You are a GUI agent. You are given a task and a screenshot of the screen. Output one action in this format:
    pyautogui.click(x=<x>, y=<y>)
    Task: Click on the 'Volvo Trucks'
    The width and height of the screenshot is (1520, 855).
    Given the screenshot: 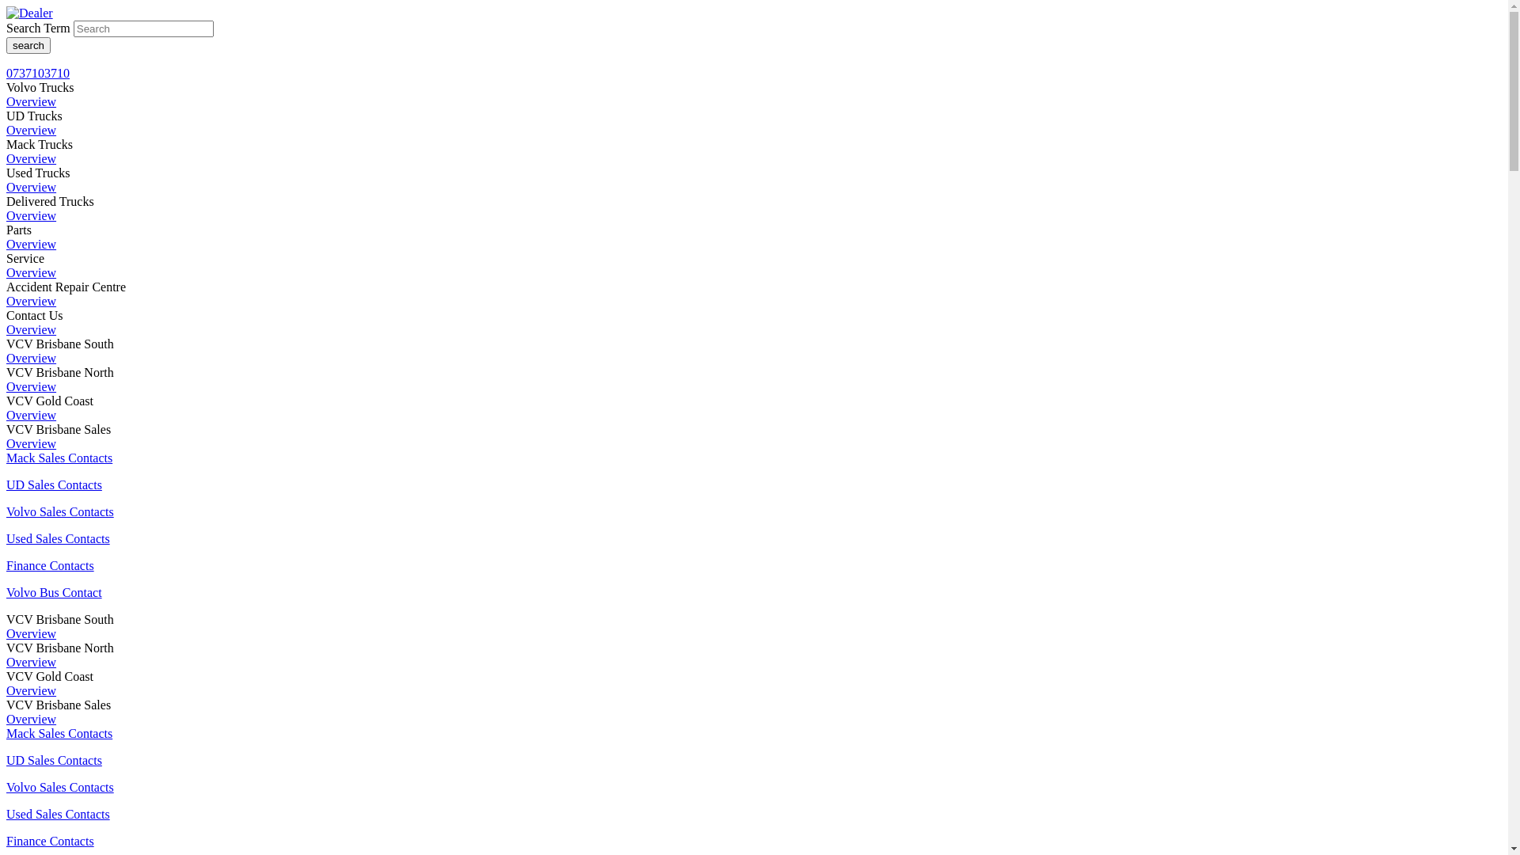 What is the action you would take?
    pyautogui.click(x=6, y=87)
    